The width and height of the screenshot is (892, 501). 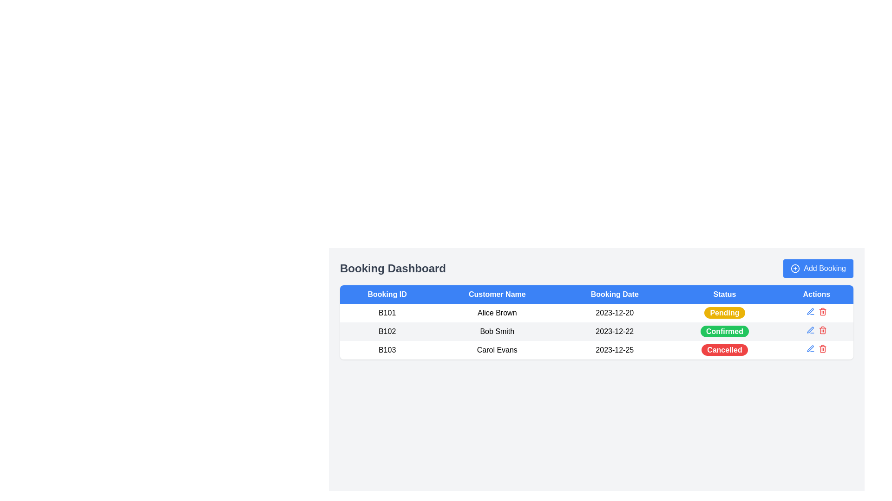 I want to click on the text in the second cell of the 'Customer Name' column for the booking record labeled B101 in the data table, so click(x=497, y=313).